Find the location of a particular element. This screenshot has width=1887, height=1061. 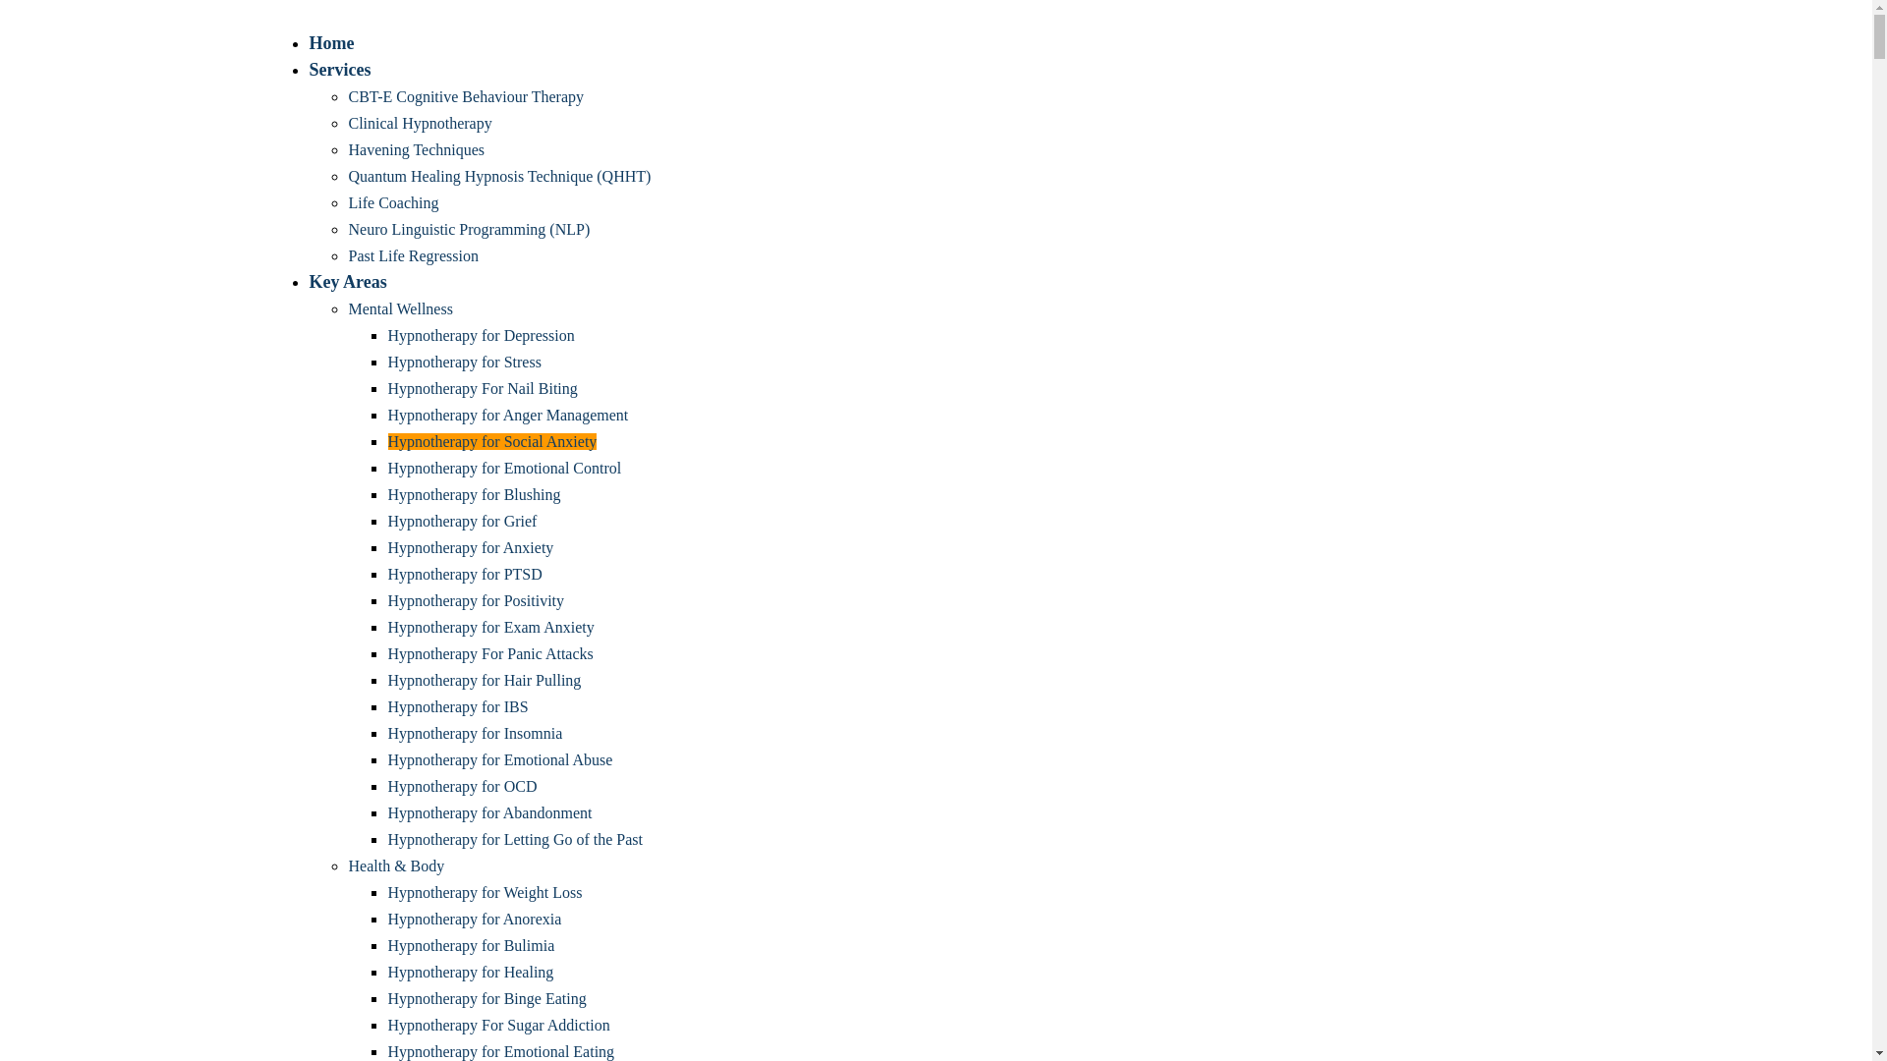

'Past Life Regression' is located at coordinates (348, 254).